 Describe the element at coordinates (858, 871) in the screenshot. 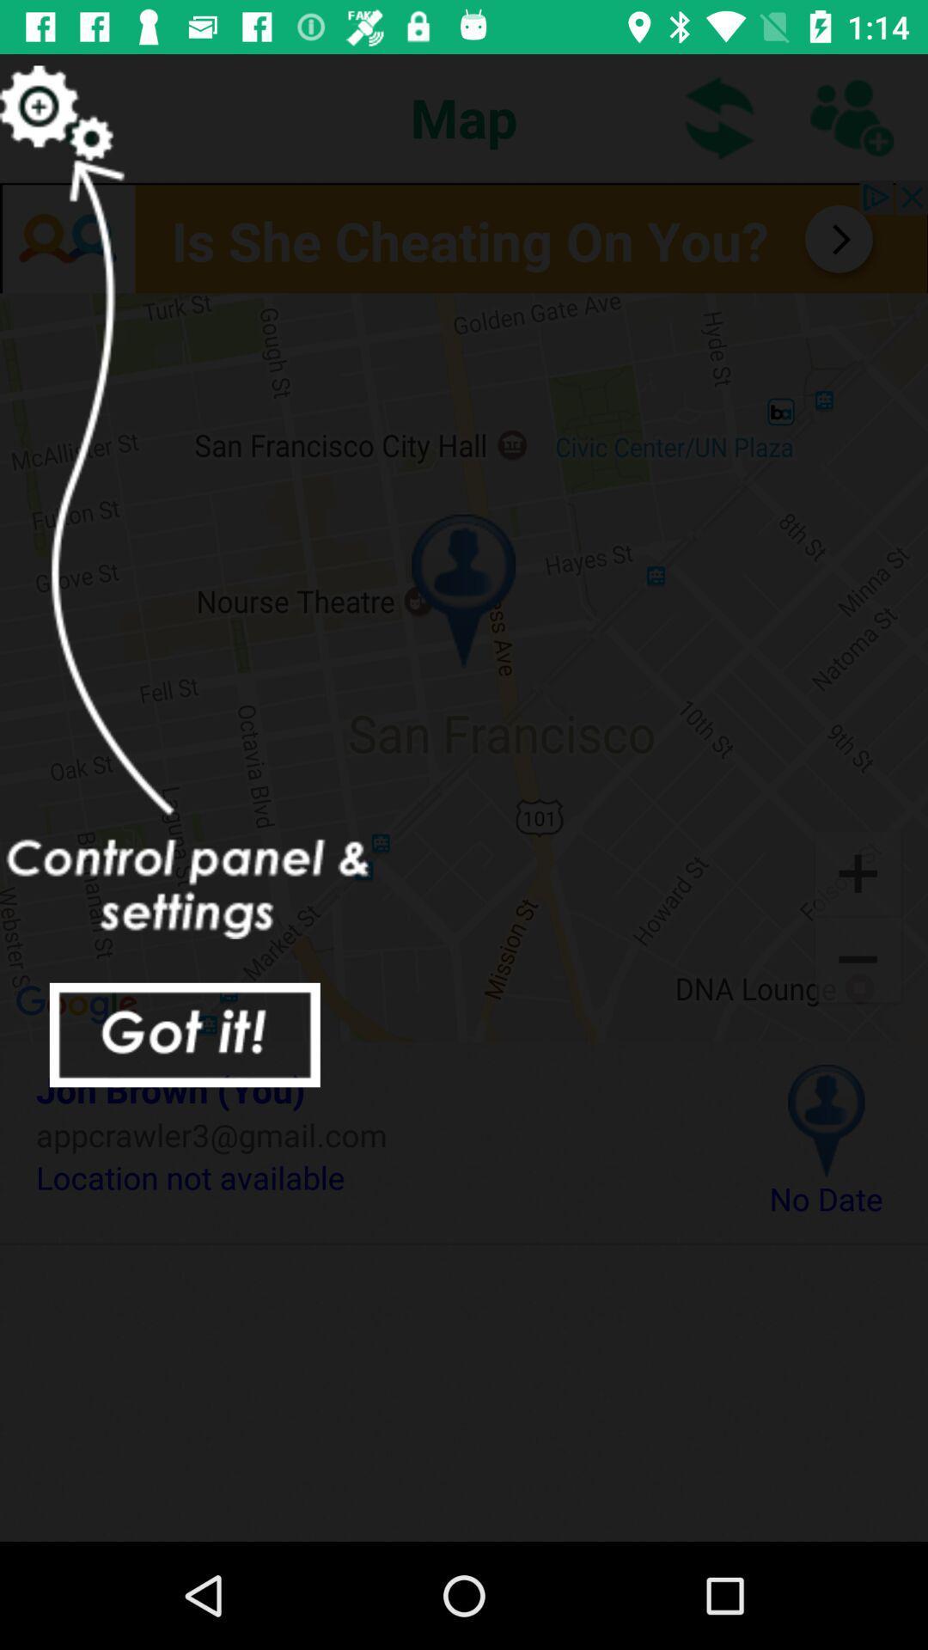

I see `the add icon` at that location.